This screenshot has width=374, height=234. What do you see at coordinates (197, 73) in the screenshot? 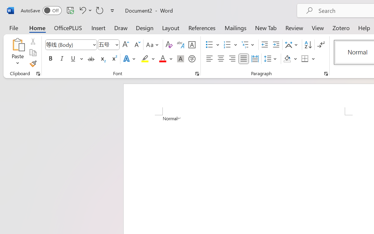
I see `'Font...'` at bounding box center [197, 73].